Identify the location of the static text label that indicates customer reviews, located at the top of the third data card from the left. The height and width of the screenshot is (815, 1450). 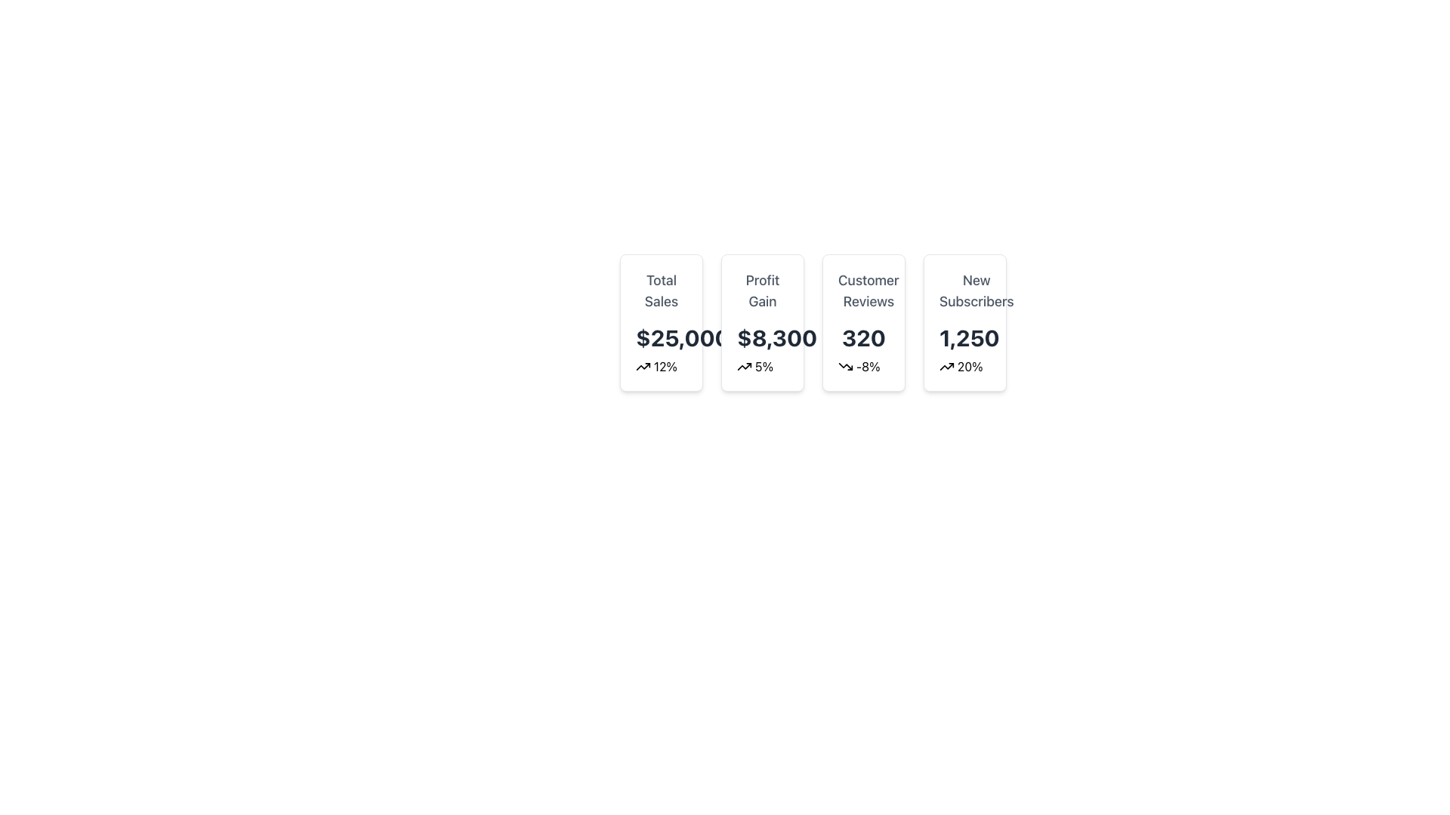
(868, 291).